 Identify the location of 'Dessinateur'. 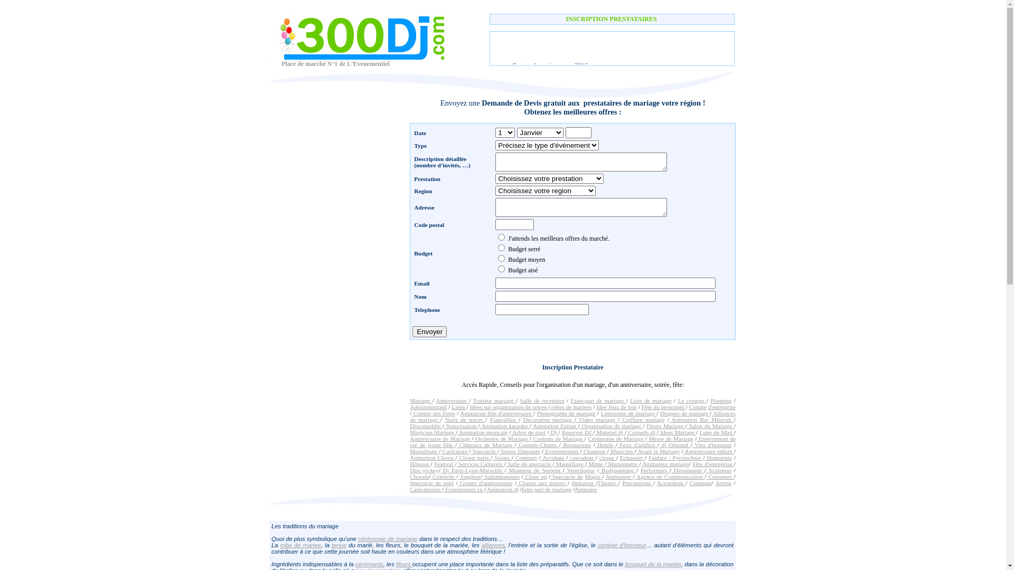
(671, 470).